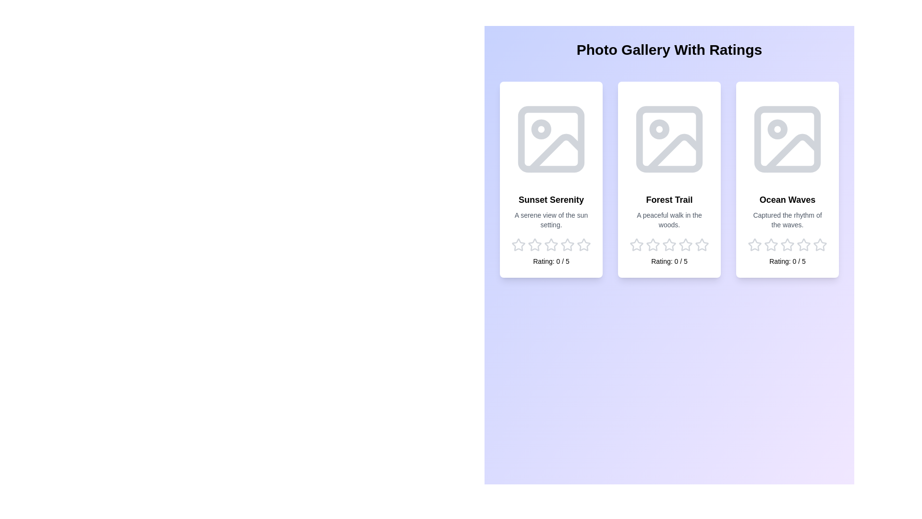  I want to click on the image or title of 'Sunset Serenity' to view its details, so click(551, 161).